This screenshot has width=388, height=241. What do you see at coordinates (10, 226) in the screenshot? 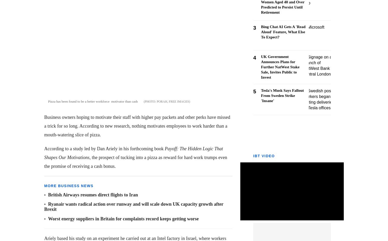
I see `'Opinion'` at bounding box center [10, 226].